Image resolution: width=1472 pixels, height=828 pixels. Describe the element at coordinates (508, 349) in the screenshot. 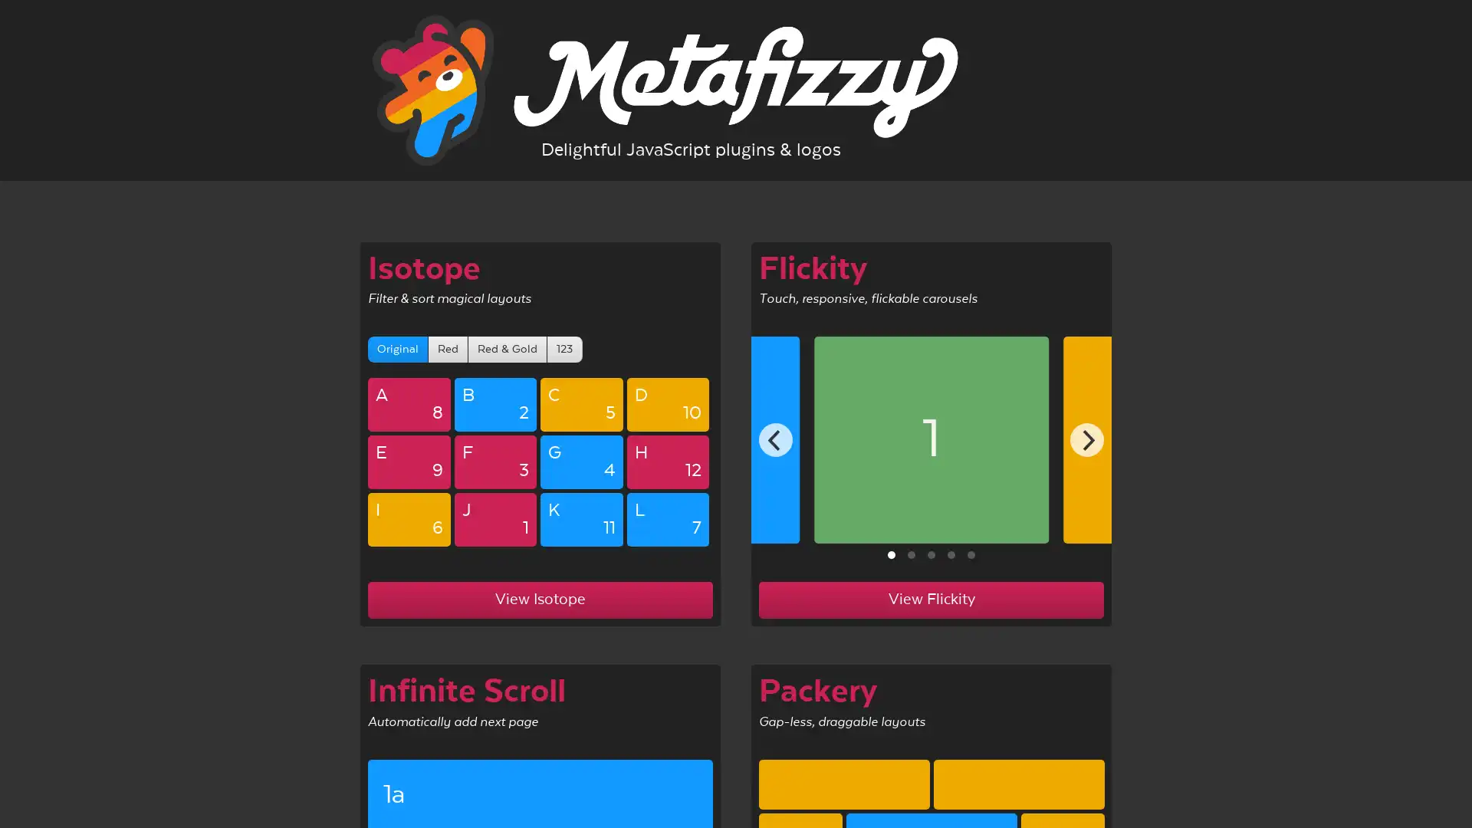

I see `Red & Gold` at that location.